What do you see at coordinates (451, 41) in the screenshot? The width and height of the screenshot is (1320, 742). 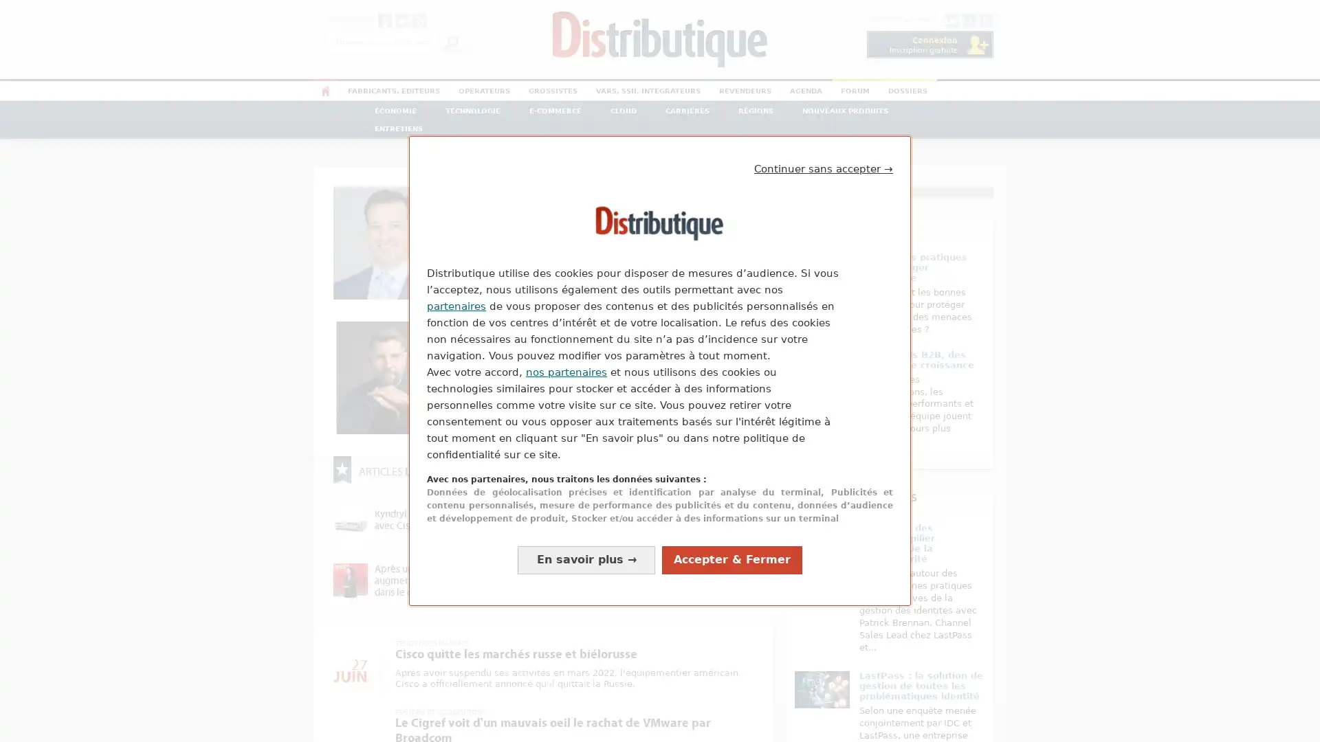 I see `Ok` at bounding box center [451, 41].